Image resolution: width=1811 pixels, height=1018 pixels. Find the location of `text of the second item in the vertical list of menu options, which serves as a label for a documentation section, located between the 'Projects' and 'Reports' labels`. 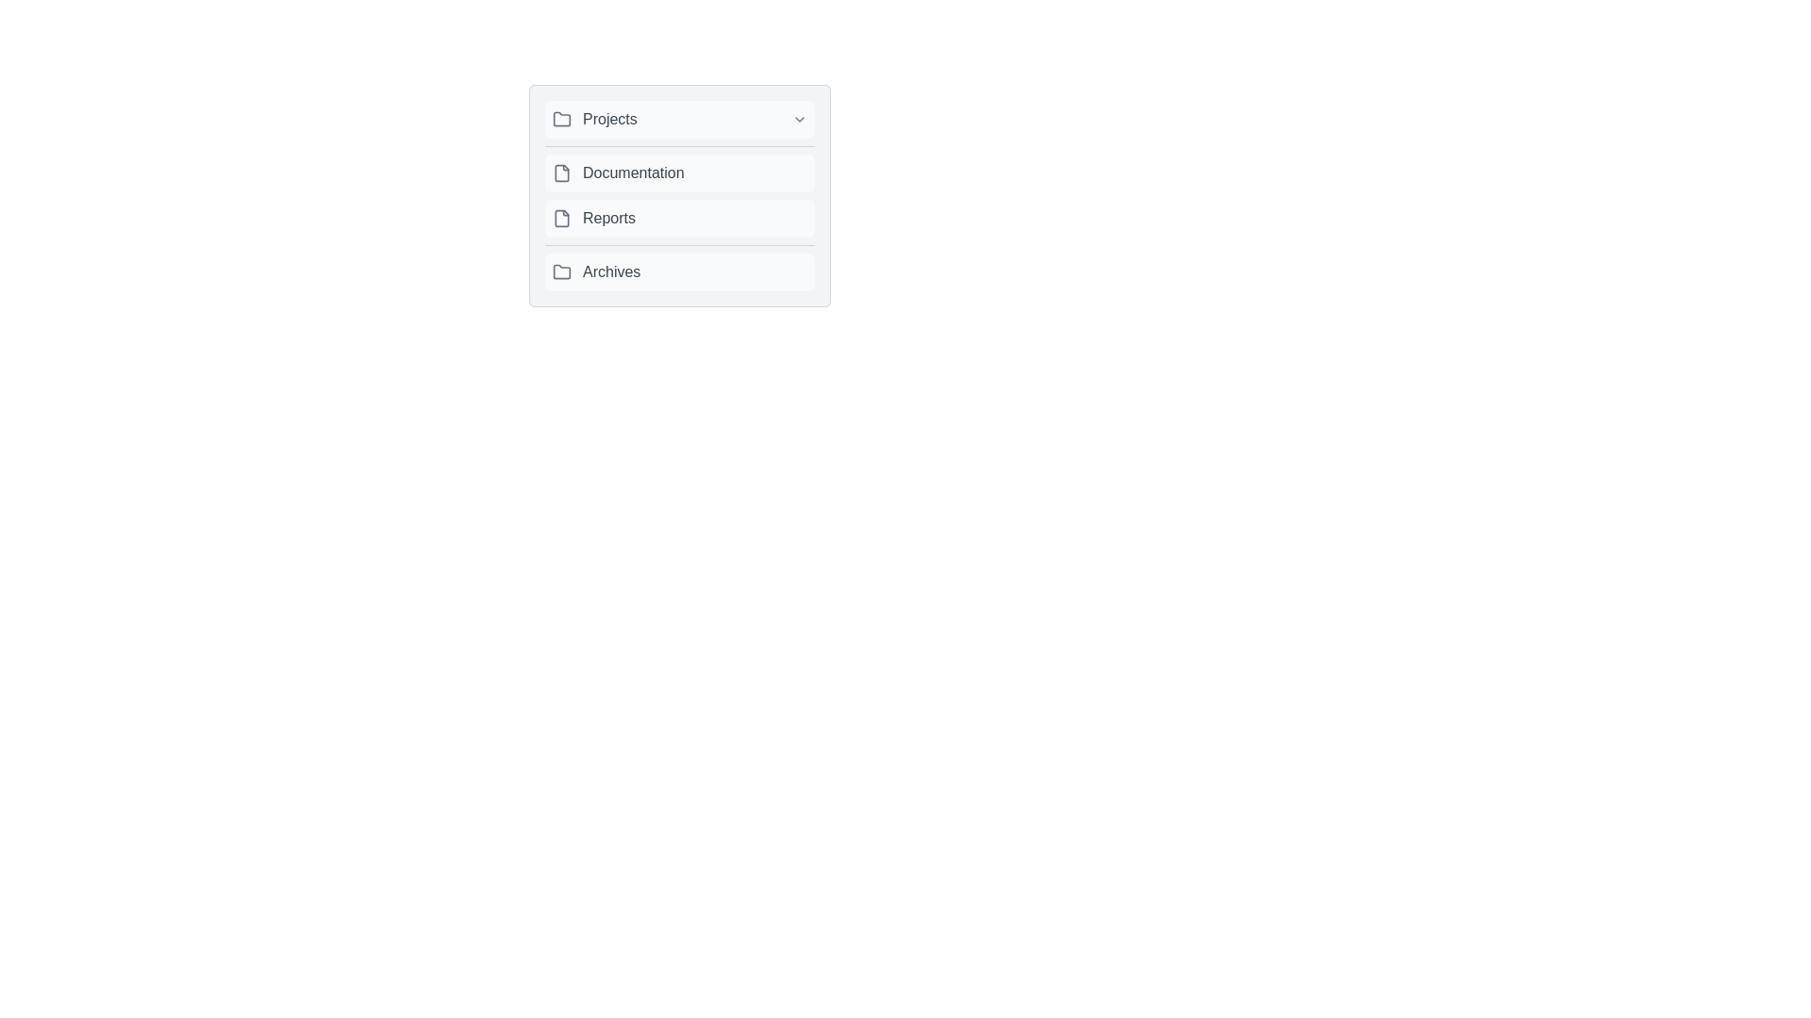

text of the second item in the vertical list of menu options, which serves as a label for a documentation section, located between the 'Projects' and 'Reports' labels is located at coordinates (633, 173).